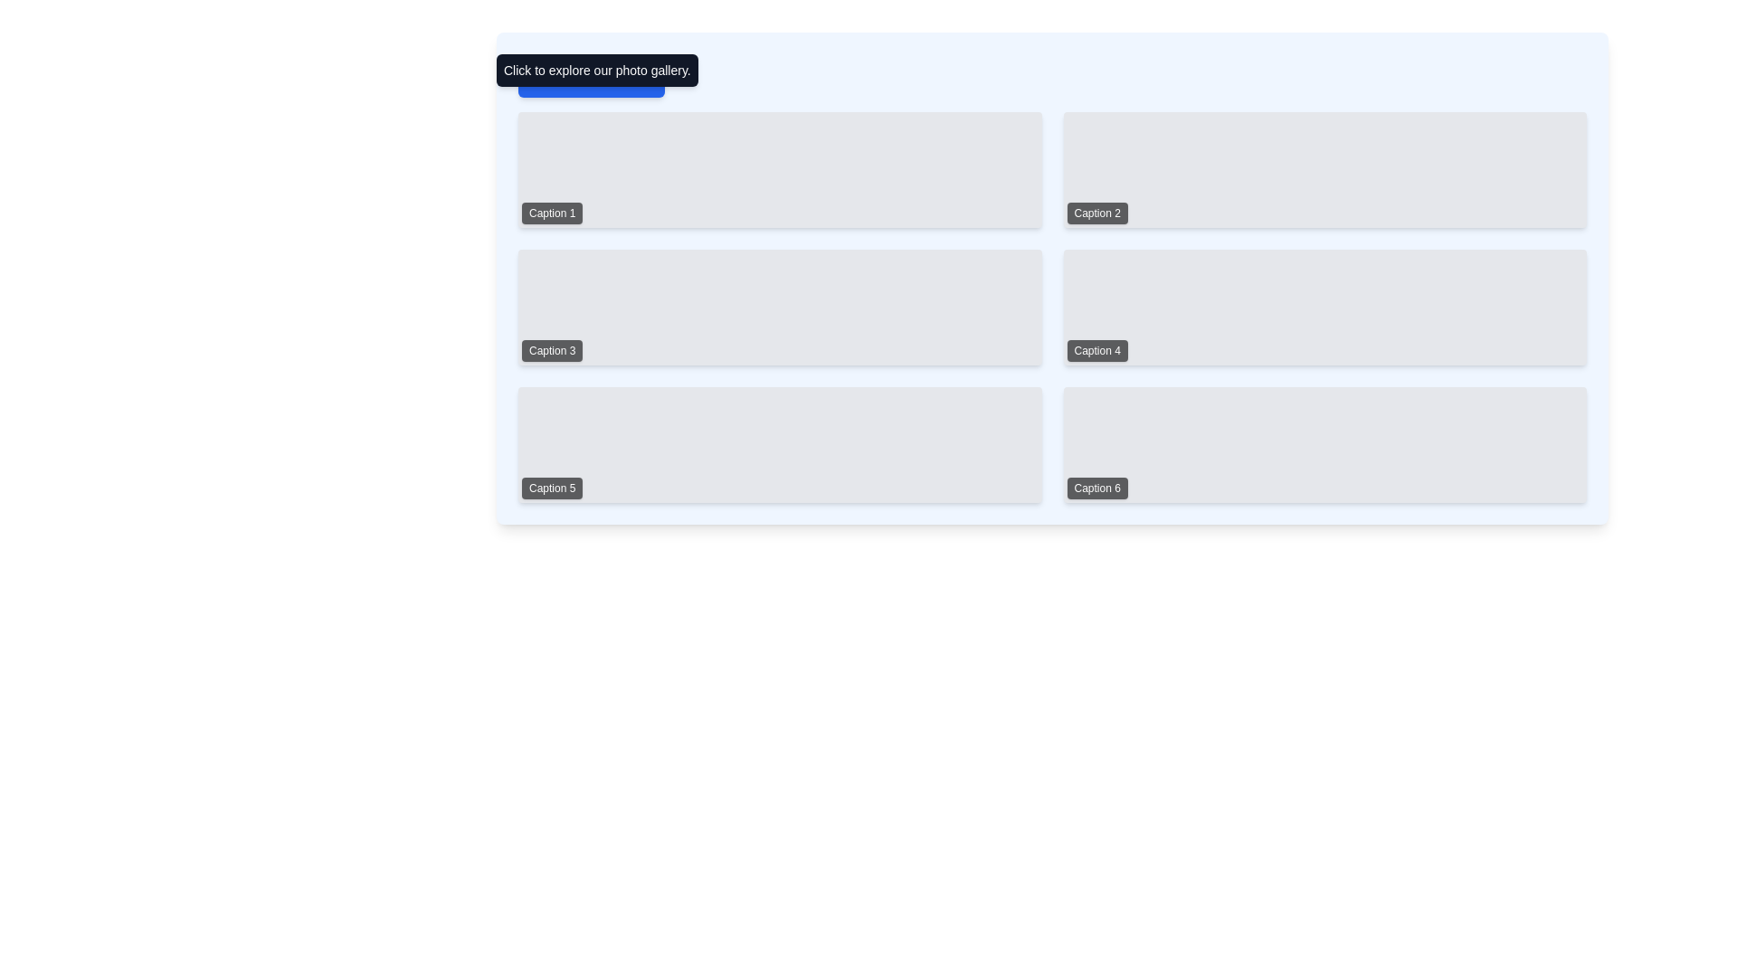  I want to click on the larger circular base of the info icon located in the top left area of the interface, so click(545, 75).